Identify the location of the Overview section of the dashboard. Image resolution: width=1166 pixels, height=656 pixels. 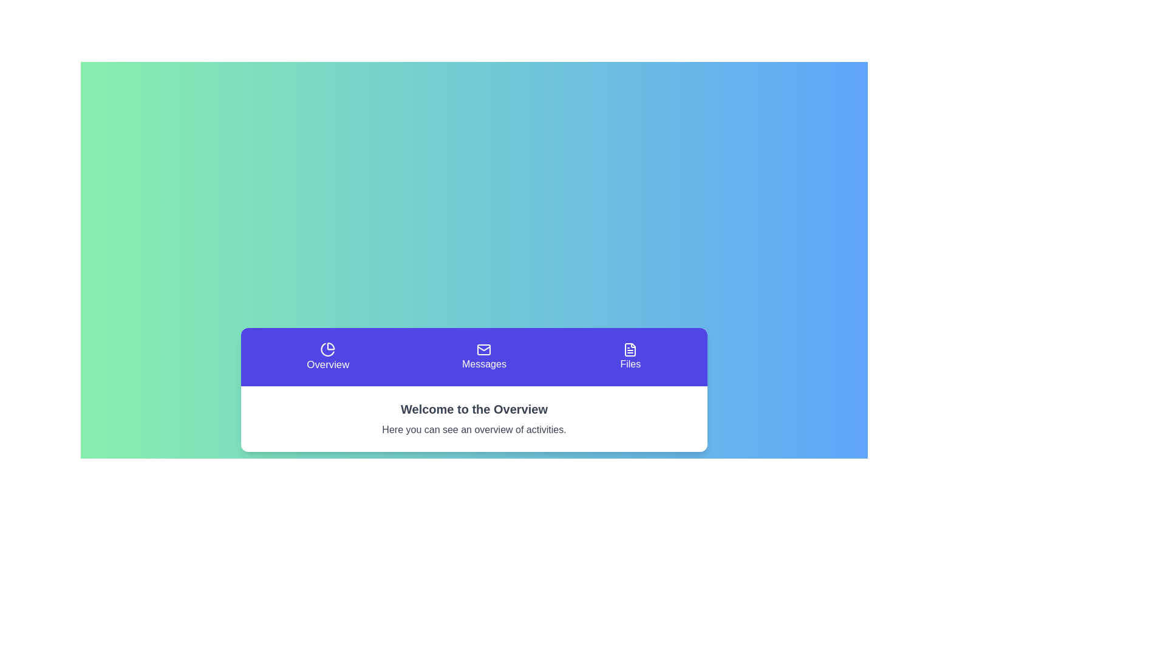
(328, 356).